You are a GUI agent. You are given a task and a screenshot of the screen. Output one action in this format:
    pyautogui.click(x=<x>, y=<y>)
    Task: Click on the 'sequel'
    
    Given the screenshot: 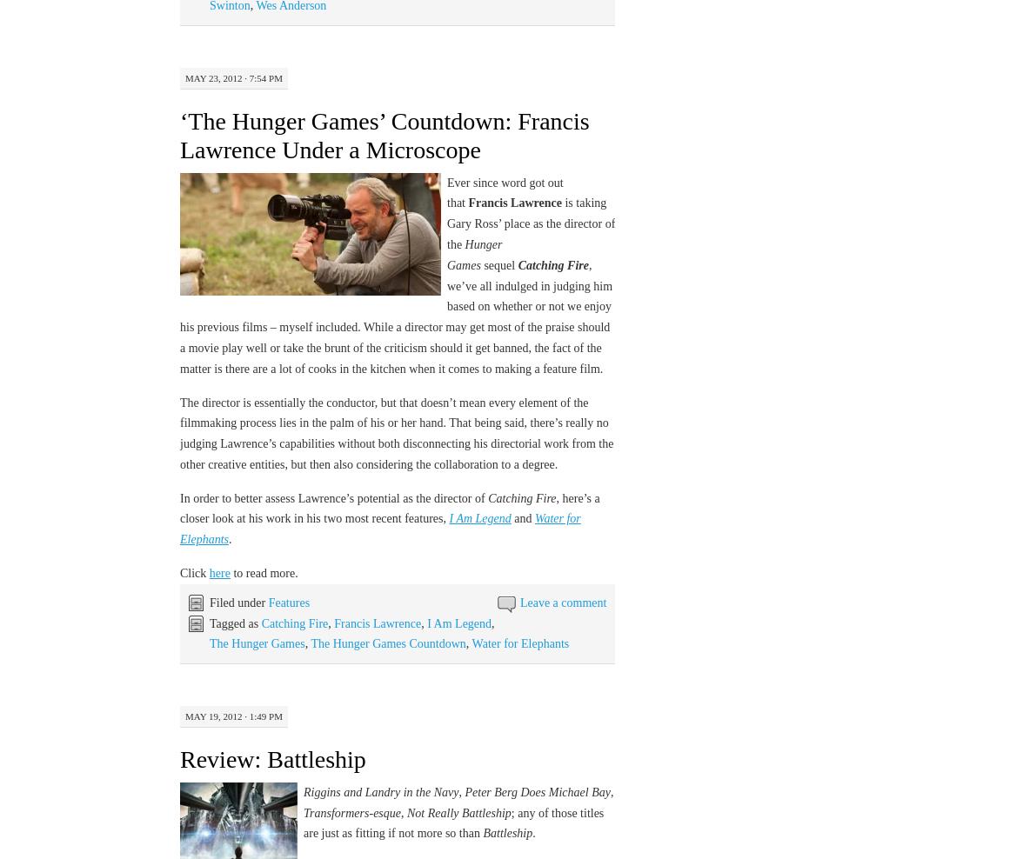 What is the action you would take?
    pyautogui.click(x=498, y=263)
    